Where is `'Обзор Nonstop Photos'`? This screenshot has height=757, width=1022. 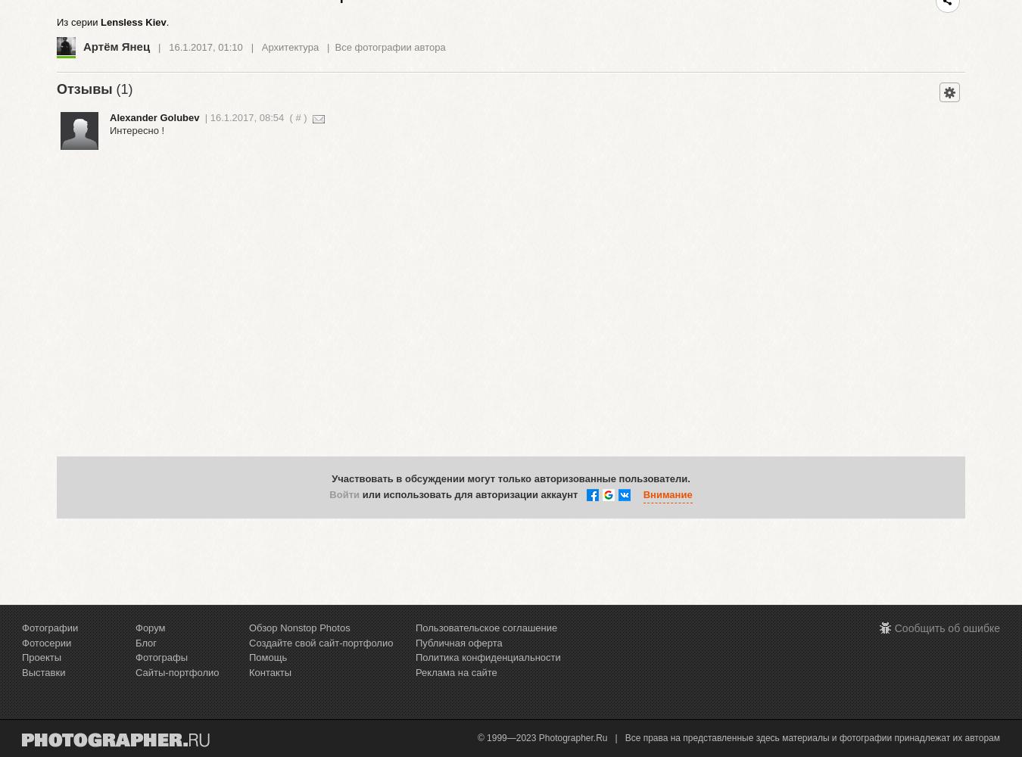 'Обзор Nonstop Photos' is located at coordinates (299, 627).